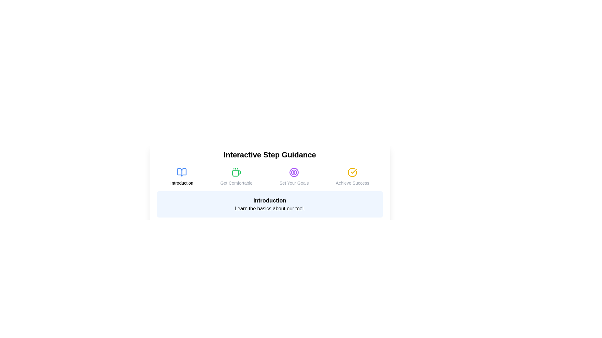 Image resolution: width=602 pixels, height=338 pixels. Describe the element at coordinates (270, 200) in the screenshot. I see `the bold, large-sized text label displaying 'Introduction' which is centered horizontally within a light blue box and located near the top center of the page` at that location.